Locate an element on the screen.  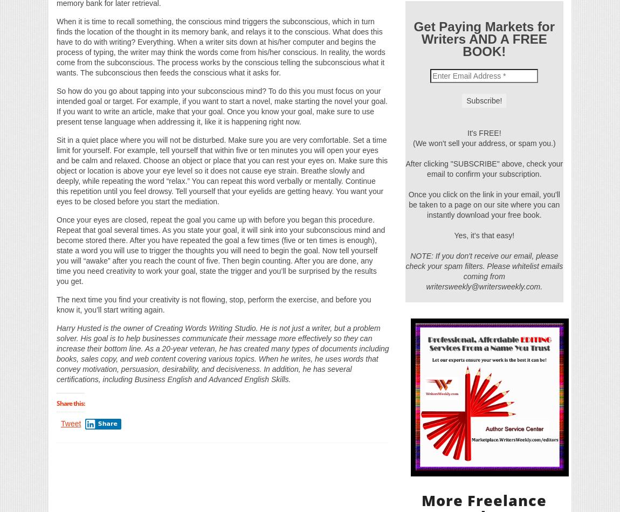
'Share this:' is located at coordinates (70, 402).